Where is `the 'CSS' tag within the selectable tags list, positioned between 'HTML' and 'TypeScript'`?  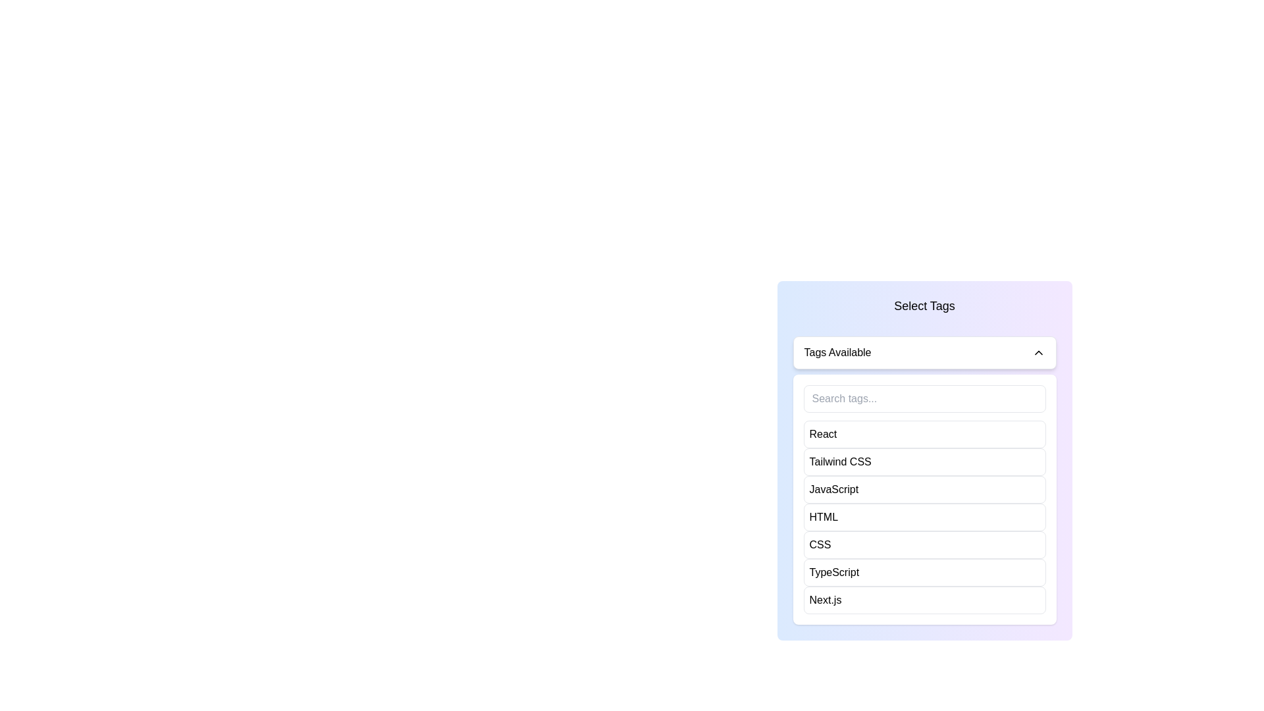
the 'CSS' tag within the selectable tags list, positioned between 'HTML' and 'TypeScript' is located at coordinates (819, 545).